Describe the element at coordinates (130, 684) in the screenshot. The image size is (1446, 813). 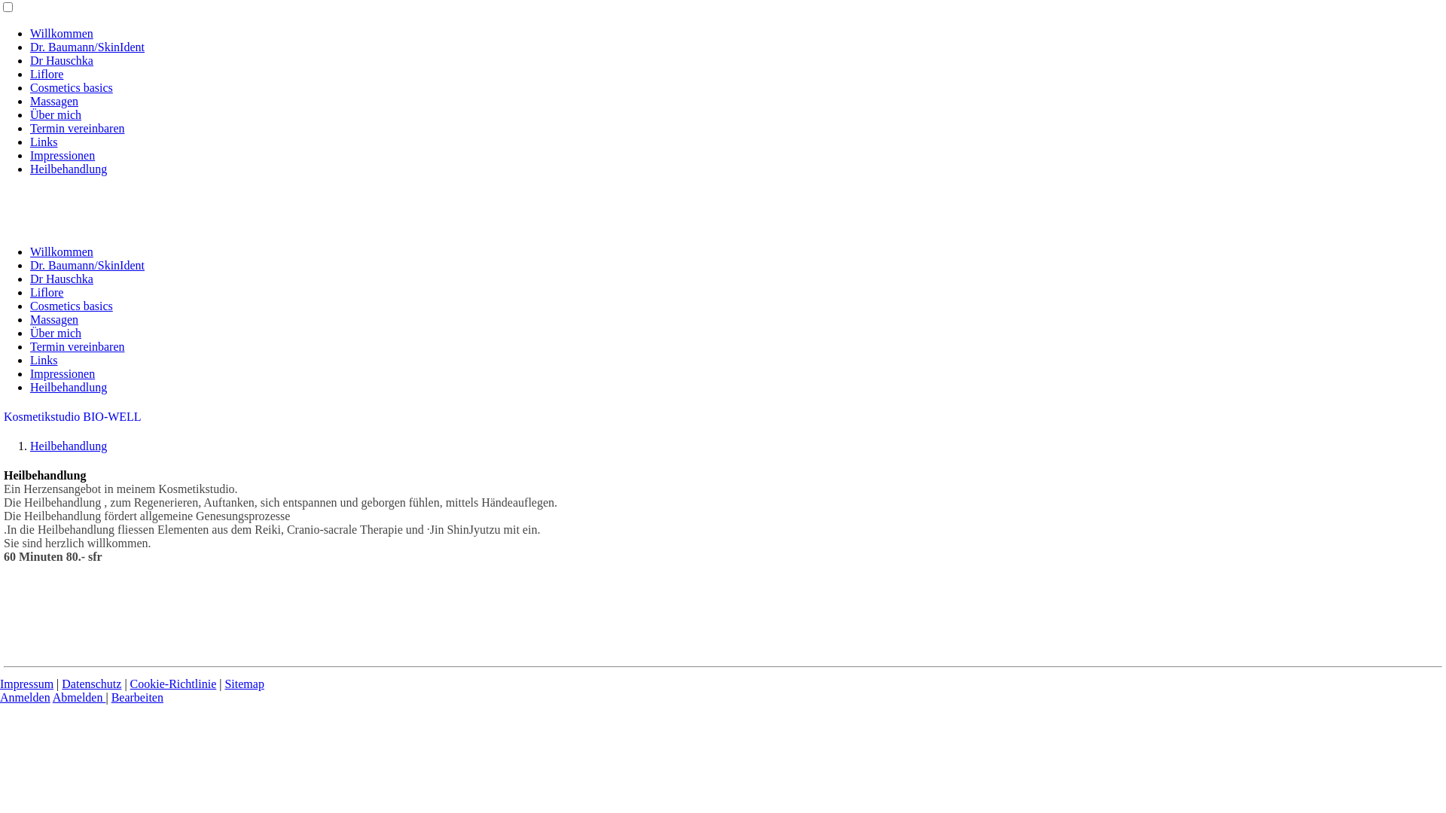
I see `'Cookie-Richtlinie'` at that location.